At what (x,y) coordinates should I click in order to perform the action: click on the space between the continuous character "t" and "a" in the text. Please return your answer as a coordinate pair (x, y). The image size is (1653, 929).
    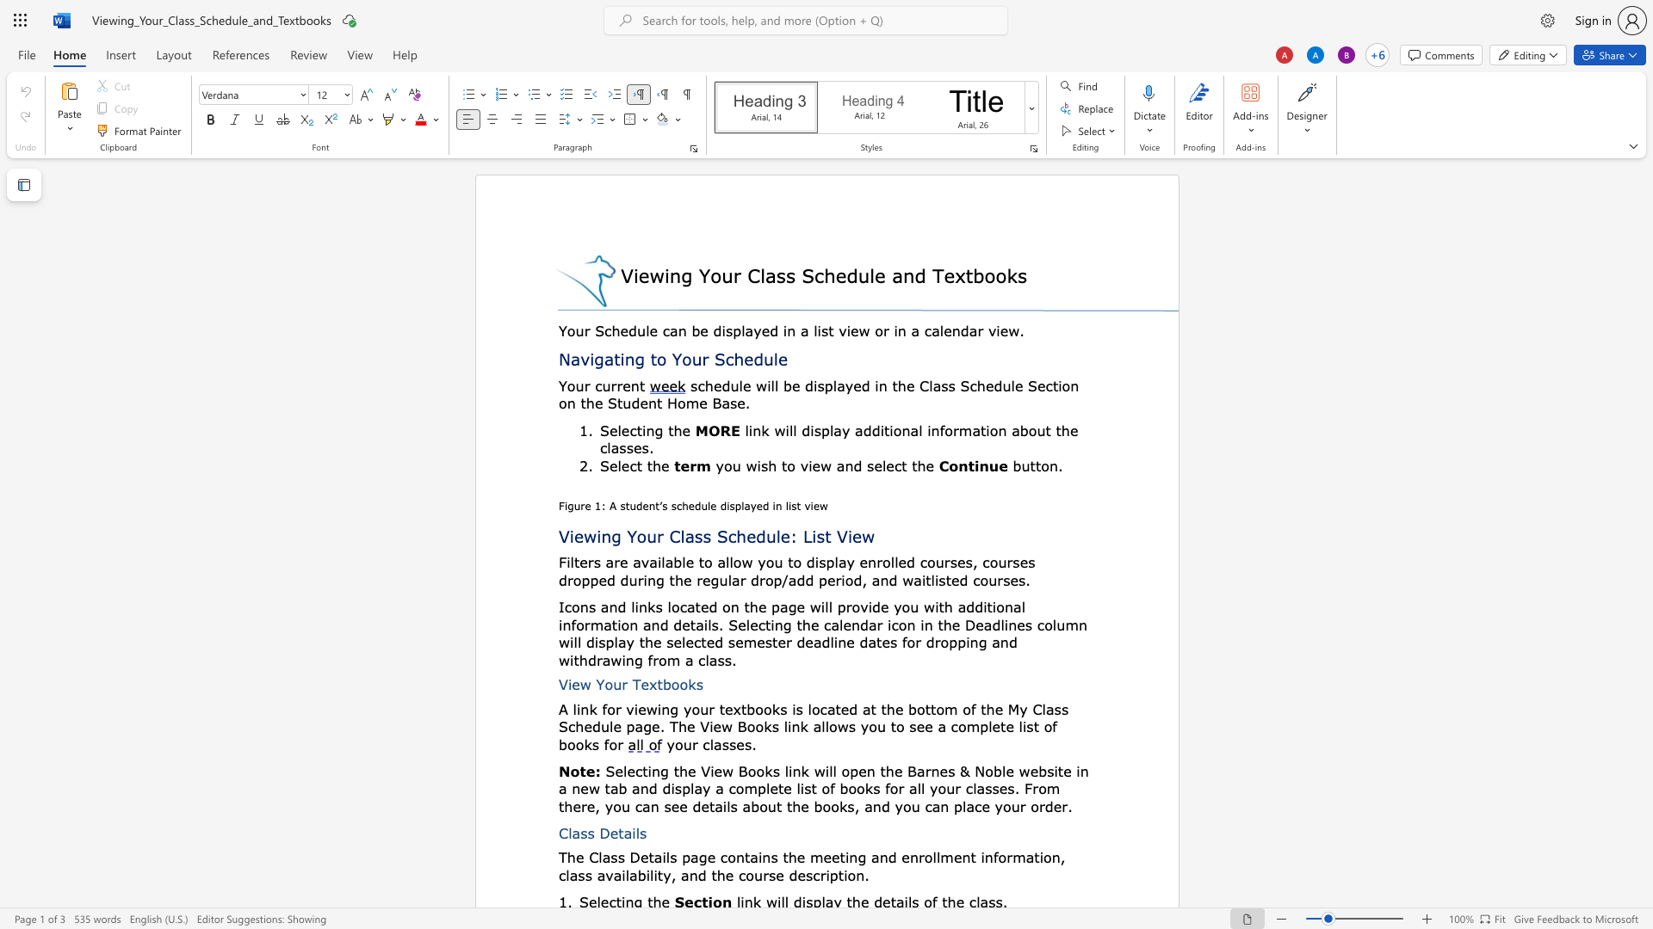
    Looking at the image, I should click on (623, 832).